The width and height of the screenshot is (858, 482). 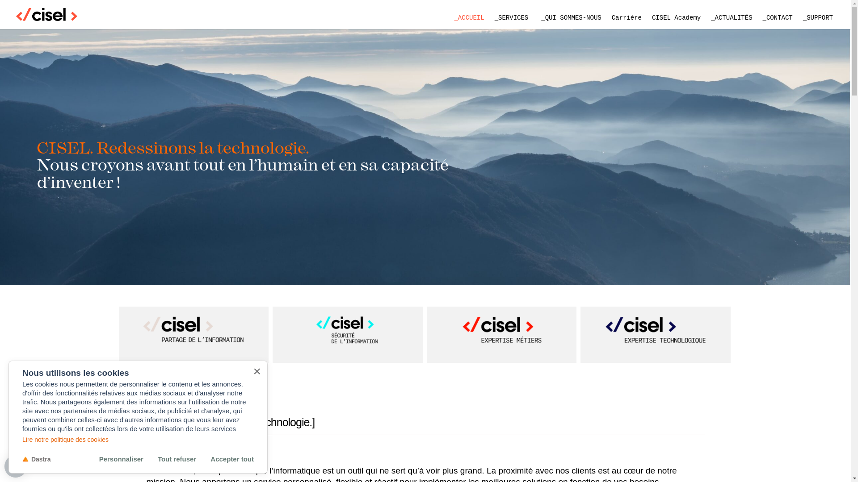 What do you see at coordinates (36, 458) in the screenshot?
I see `'Dastra'` at bounding box center [36, 458].